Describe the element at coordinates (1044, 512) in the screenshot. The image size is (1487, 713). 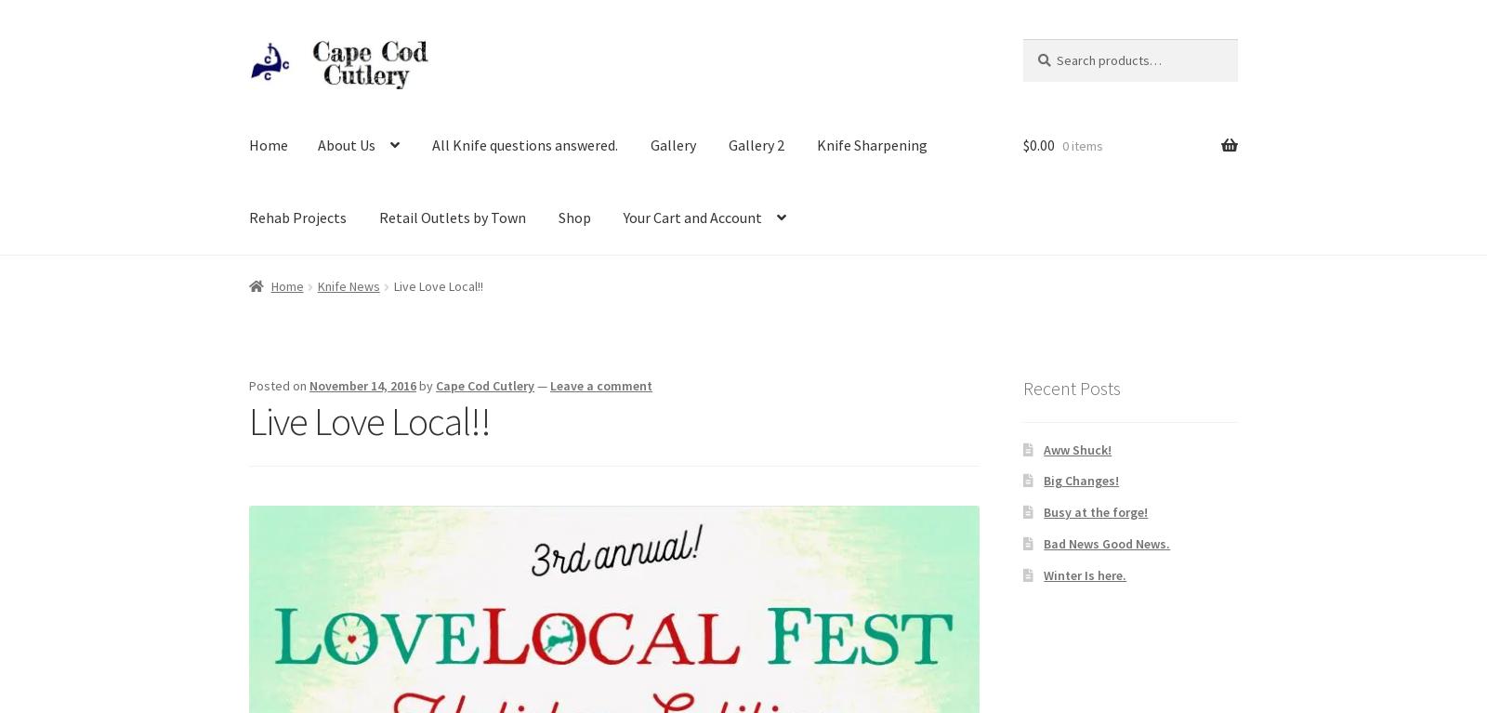
I see `'Busy at the forge!'` at that location.